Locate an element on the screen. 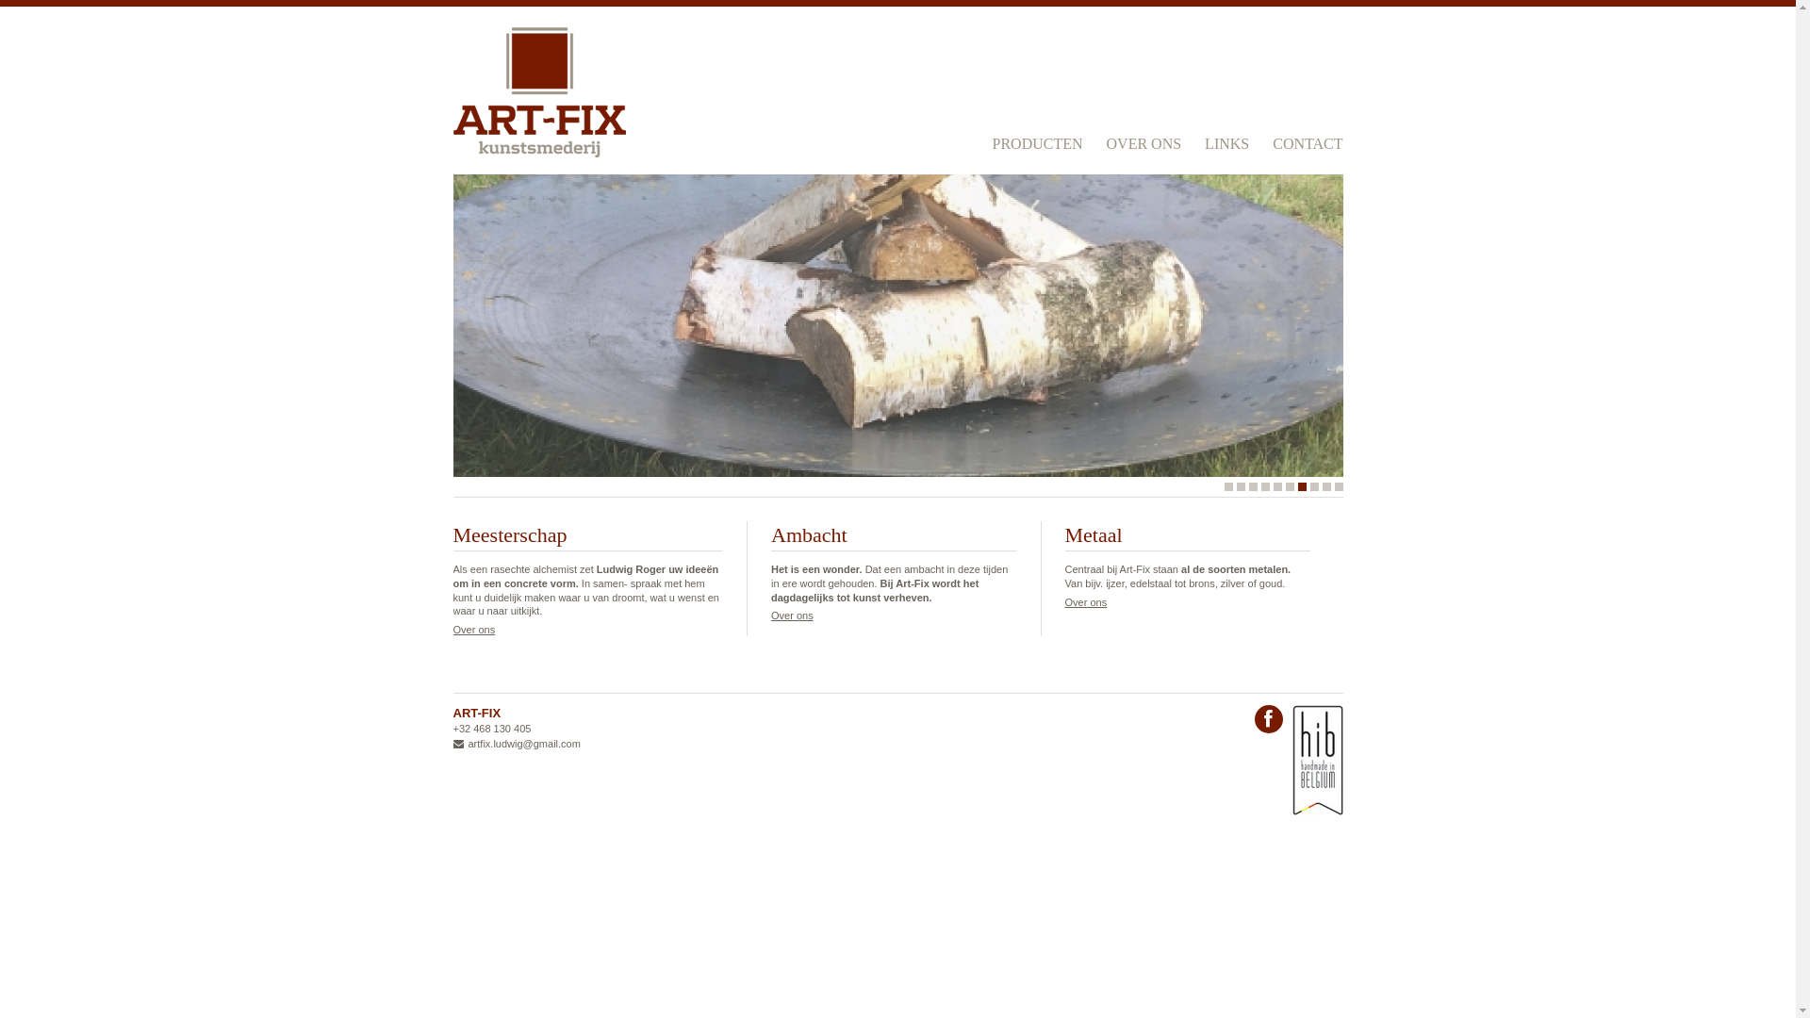 The width and height of the screenshot is (1810, 1018). '9' is located at coordinates (1325, 485).